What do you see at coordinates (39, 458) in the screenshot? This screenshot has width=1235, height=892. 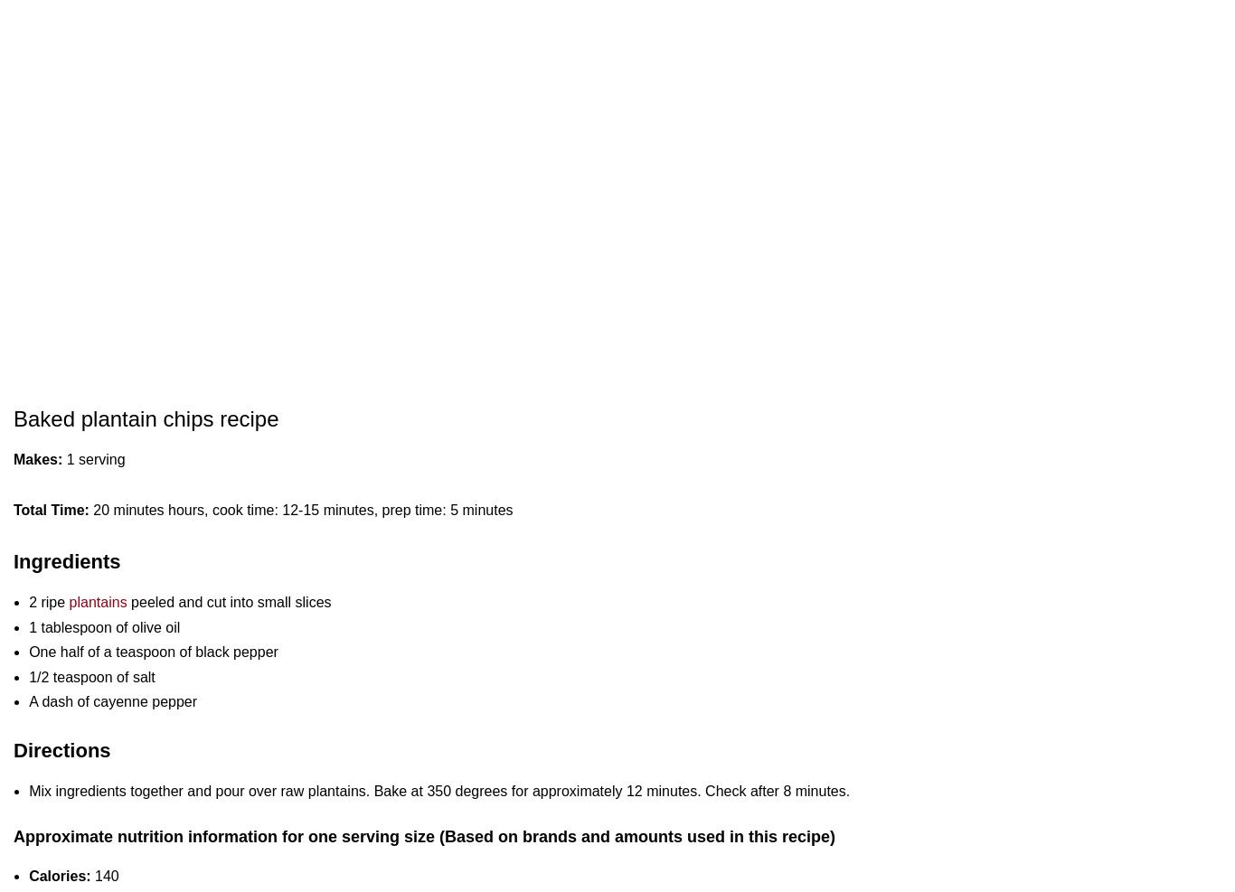 I see `'Makes:'` at bounding box center [39, 458].